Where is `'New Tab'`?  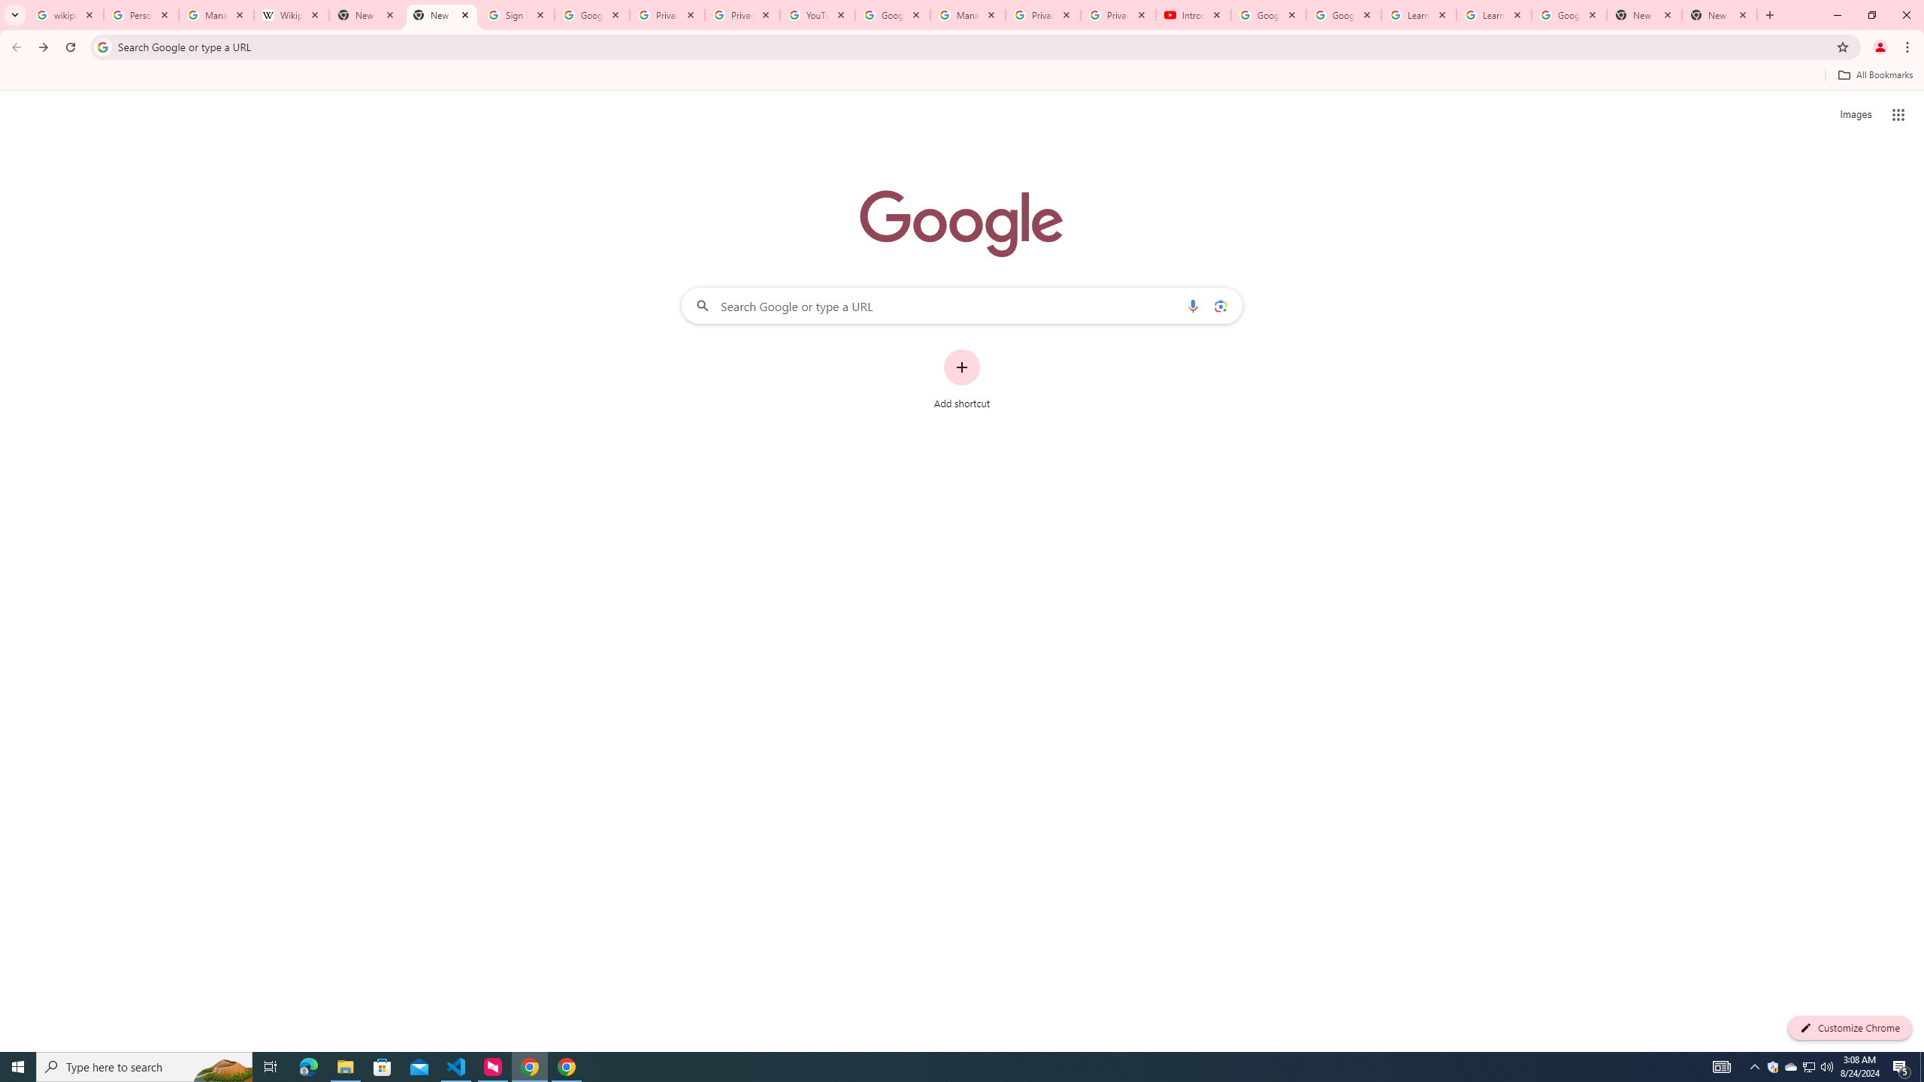 'New Tab' is located at coordinates (1644, 14).